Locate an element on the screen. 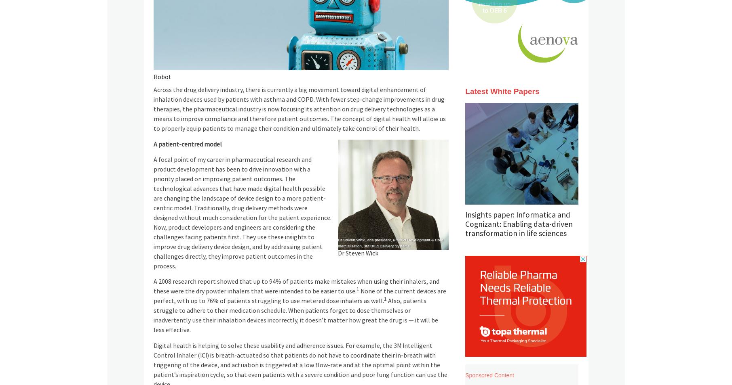 This screenshot has height=385, width=732. 'Also, patients struggle to adhere to their medication schedule. When patients forget to dose themselves or inadvertently use their inhalation devices incorrectly, it doesn’t matter how great the drug is — it will be less effective.' is located at coordinates (295, 315).